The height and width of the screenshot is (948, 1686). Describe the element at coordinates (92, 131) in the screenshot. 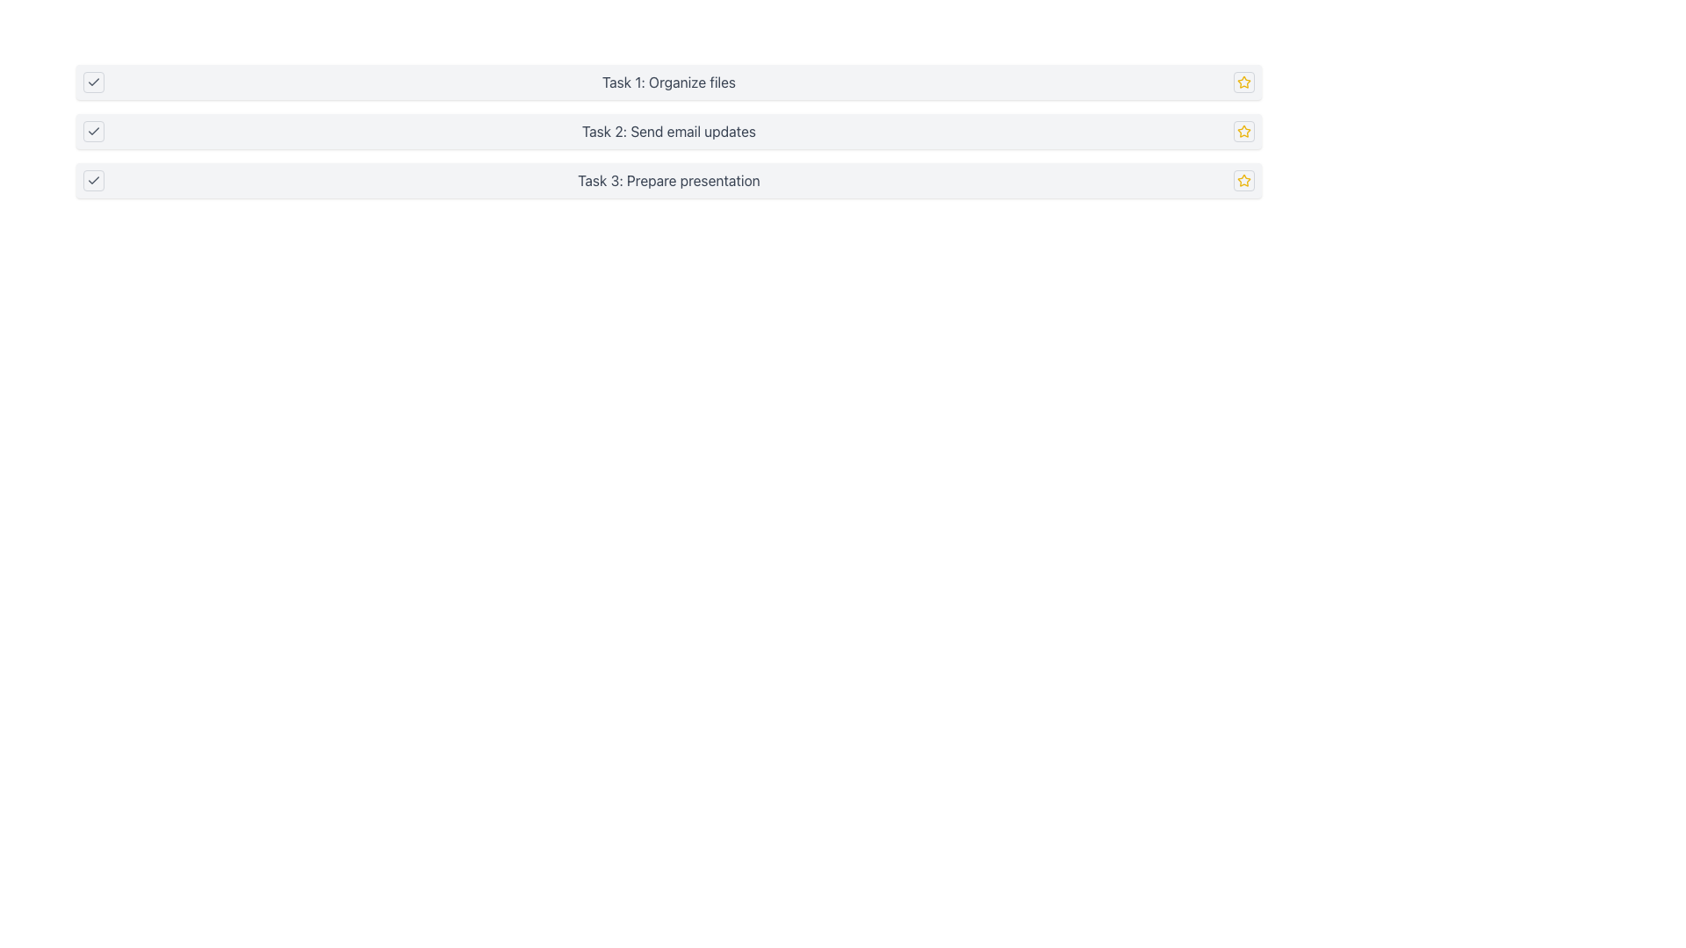

I see `the checkbox located to the left of the 'Task 2: Send email updates' row` at that location.